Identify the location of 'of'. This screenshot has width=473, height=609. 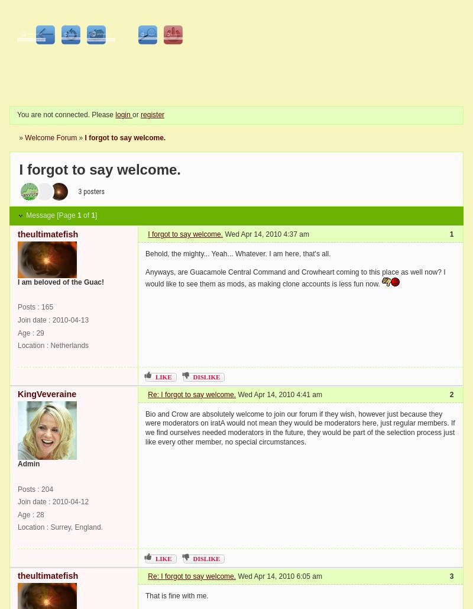
(86, 215).